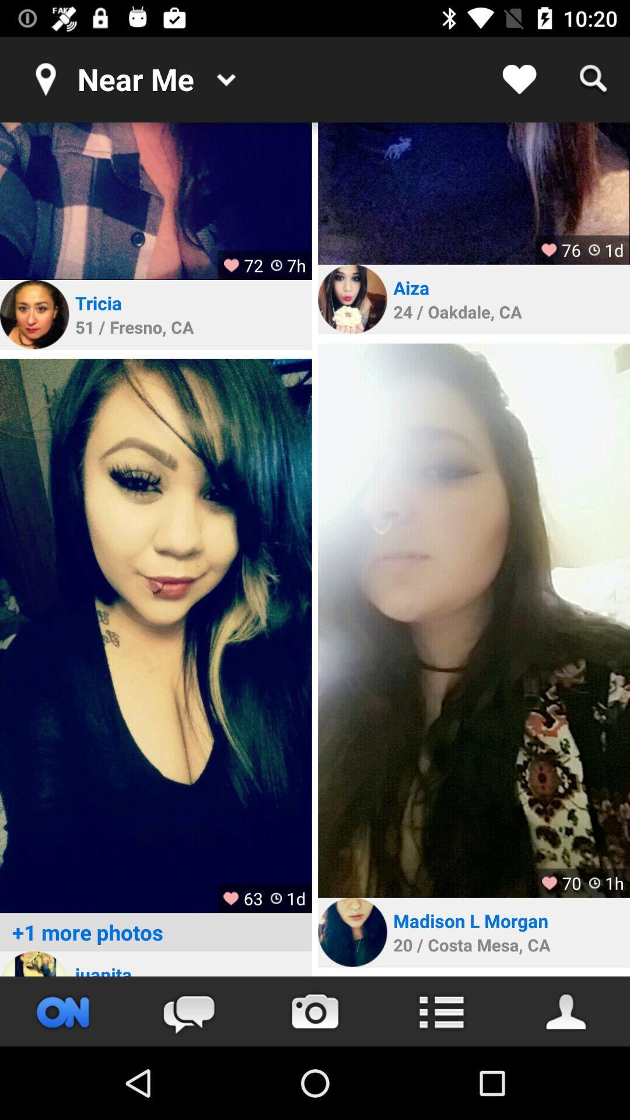 The height and width of the screenshot is (1120, 630). I want to click on advertisement, so click(474, 193).